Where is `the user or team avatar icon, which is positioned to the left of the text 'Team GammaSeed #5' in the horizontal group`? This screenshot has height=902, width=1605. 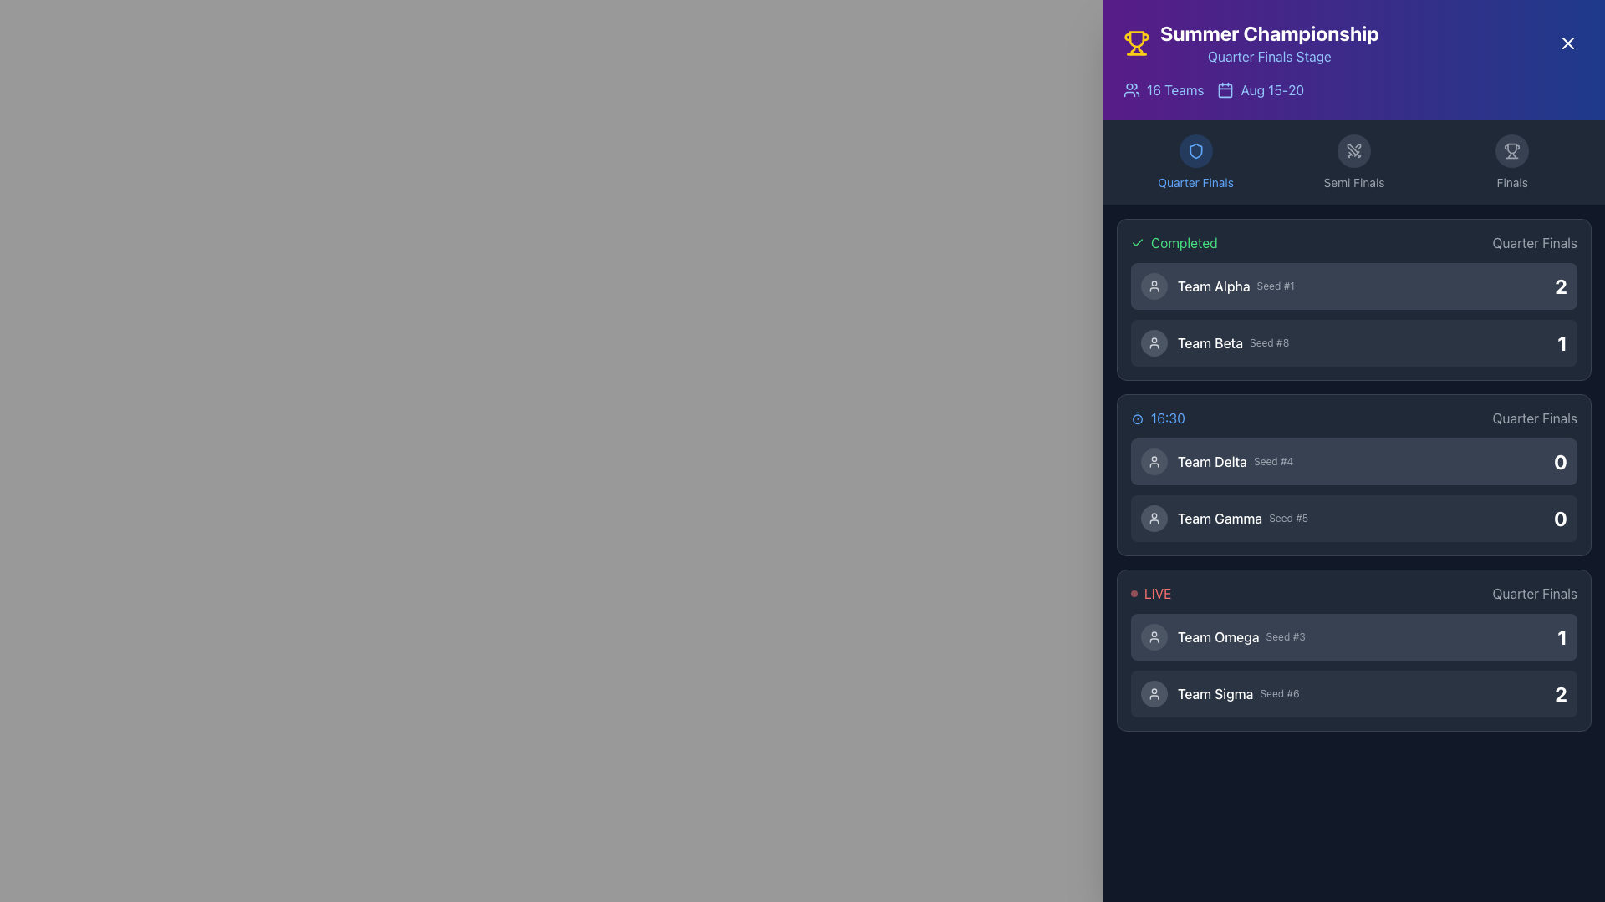
the user or team avatar icon, which is positioned to the left of the text 'Team GammaSeed #5' in the horizontal group is located at coordinates (1154, 518).